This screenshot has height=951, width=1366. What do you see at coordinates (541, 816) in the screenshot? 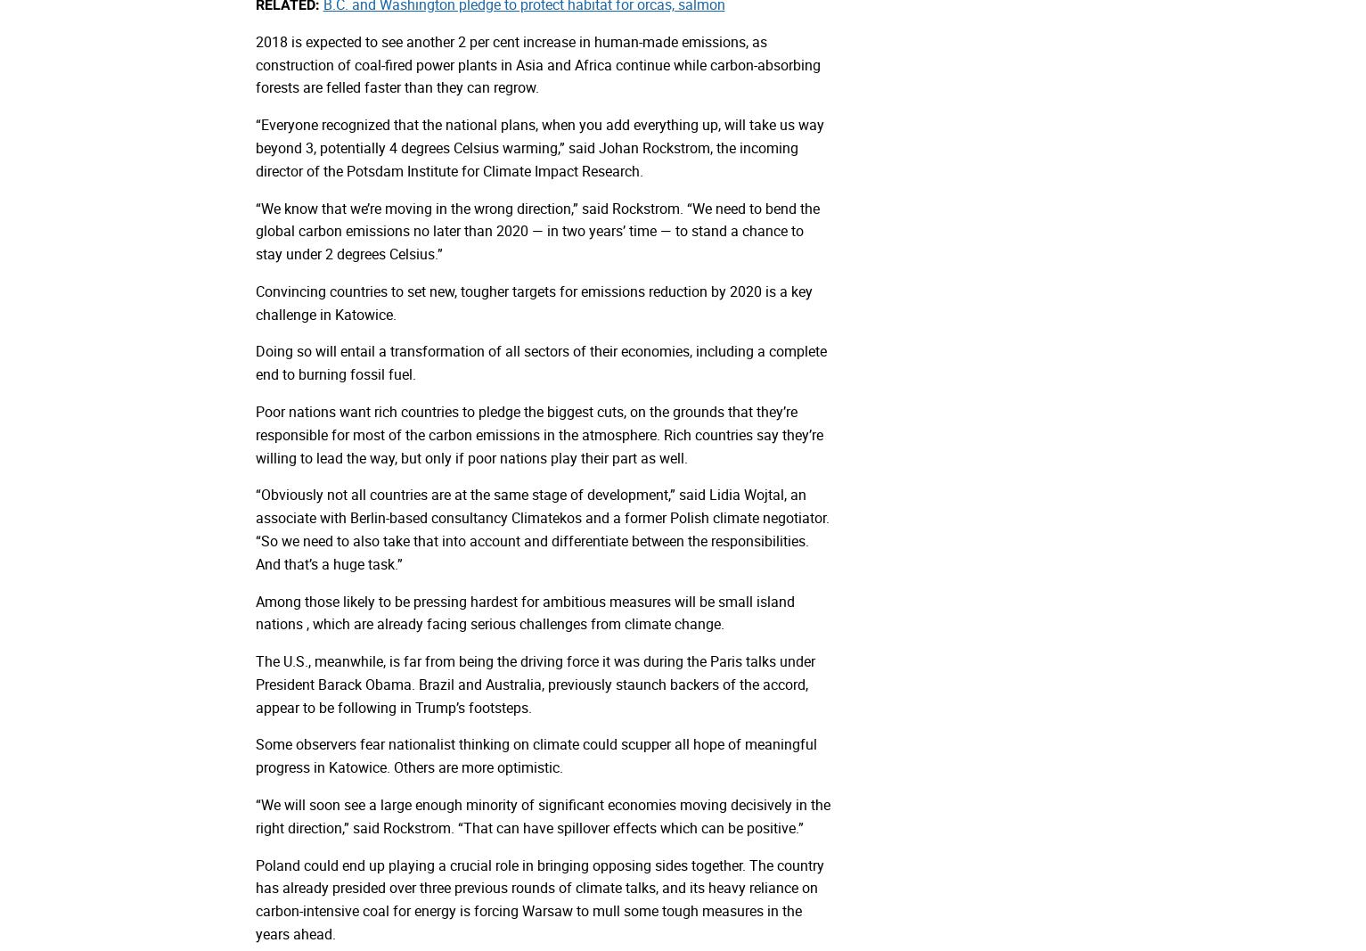
I see `'“We will soon see a large enough minority of significant economies moving decisively in the right direction,” said Rockstrom. “That can have spillover effects which can be positive.”'` at bounding box center [541, 816].